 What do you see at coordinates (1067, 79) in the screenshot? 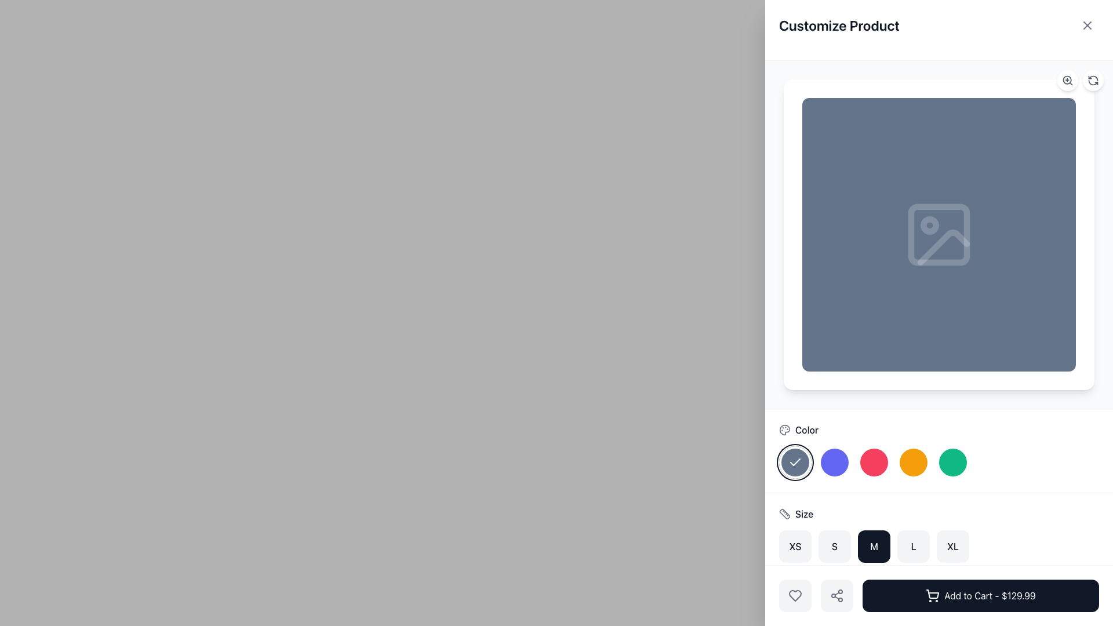
I see `the gray magnifying glass icon with a plus sign to zoom in on the image` at bounding box center [1067, 79].